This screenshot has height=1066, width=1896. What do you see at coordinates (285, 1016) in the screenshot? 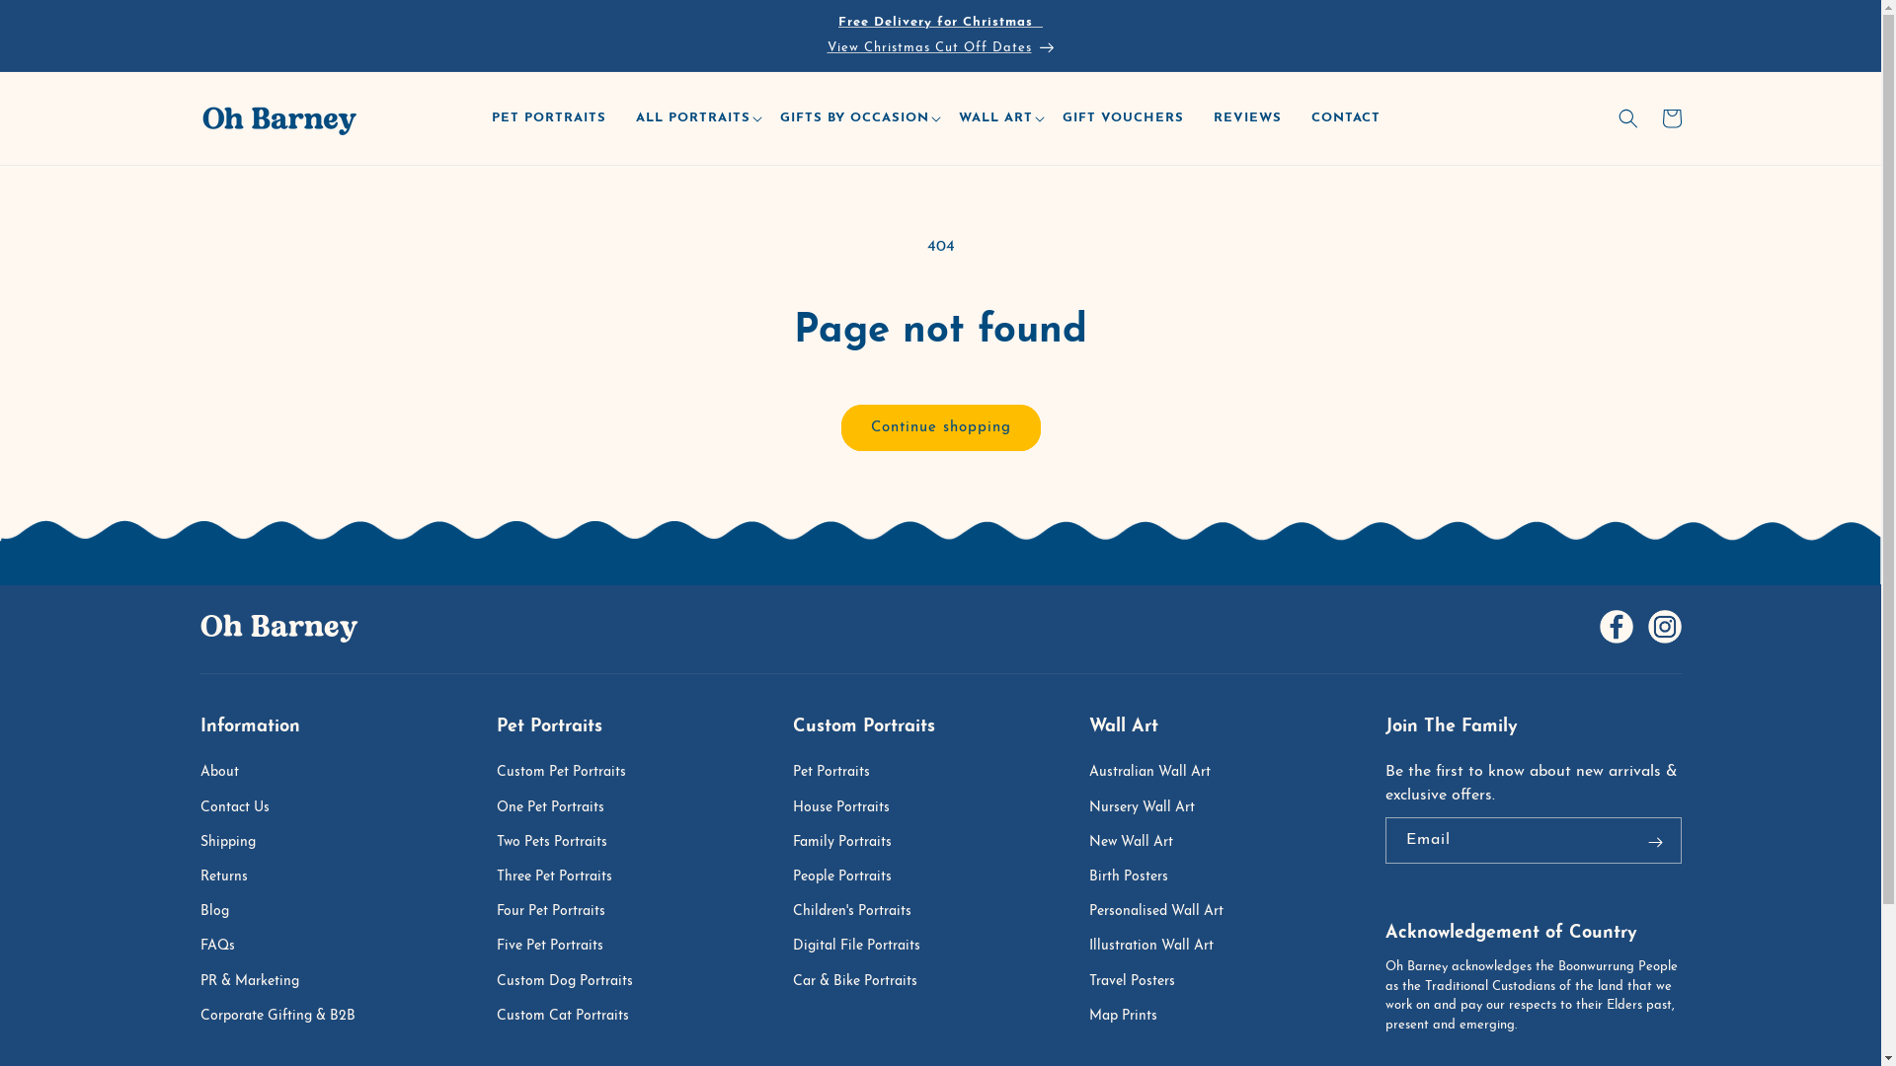
I see `'Corporate Gifting & B2B'` at bounding box center [285, 1016].